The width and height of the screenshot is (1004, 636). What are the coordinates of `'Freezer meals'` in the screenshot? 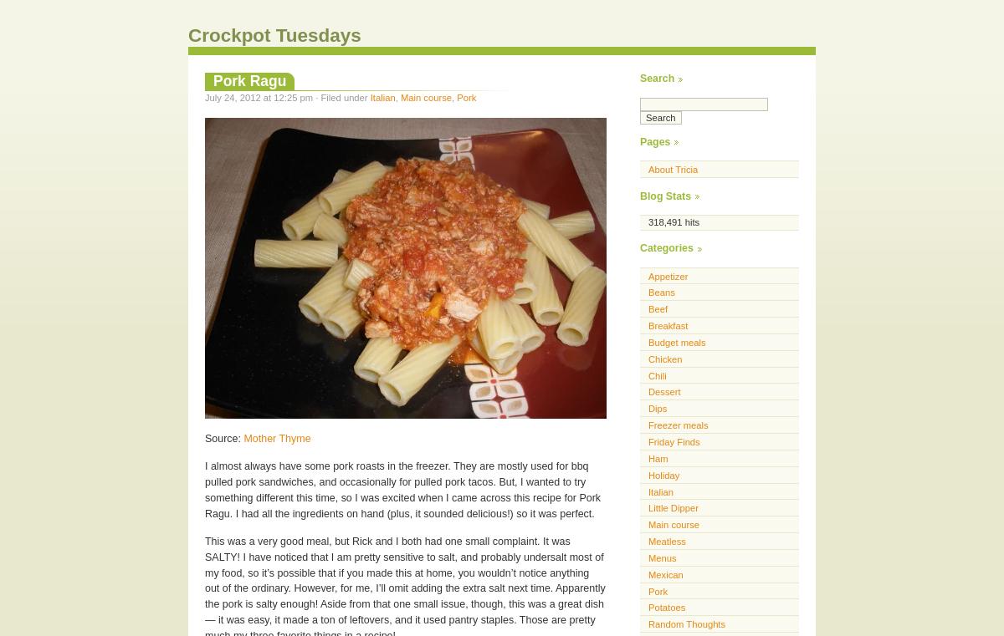 It's located at (677, 425).